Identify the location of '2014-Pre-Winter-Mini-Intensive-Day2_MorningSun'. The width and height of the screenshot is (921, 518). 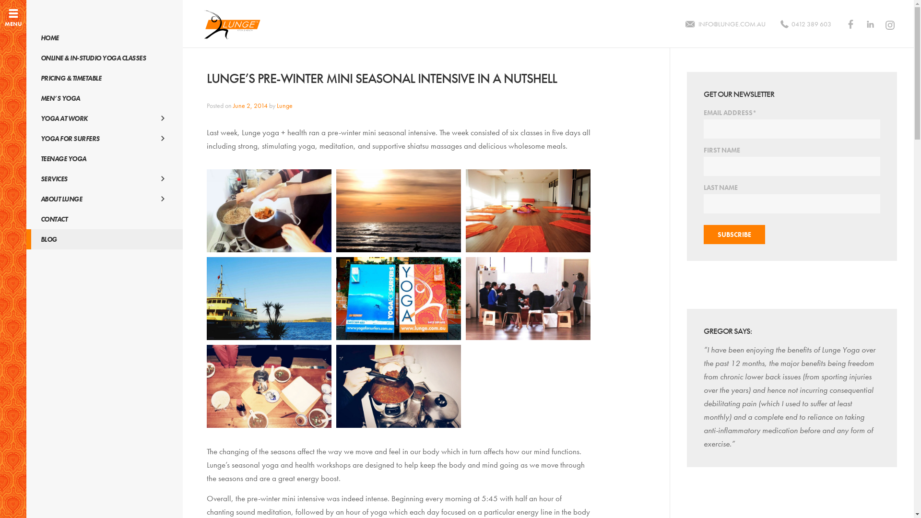
(336, 210).